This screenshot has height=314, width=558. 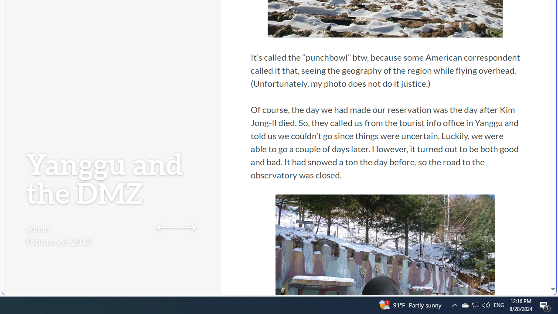 I want to click on 'admin', so click(x=37, y=228).